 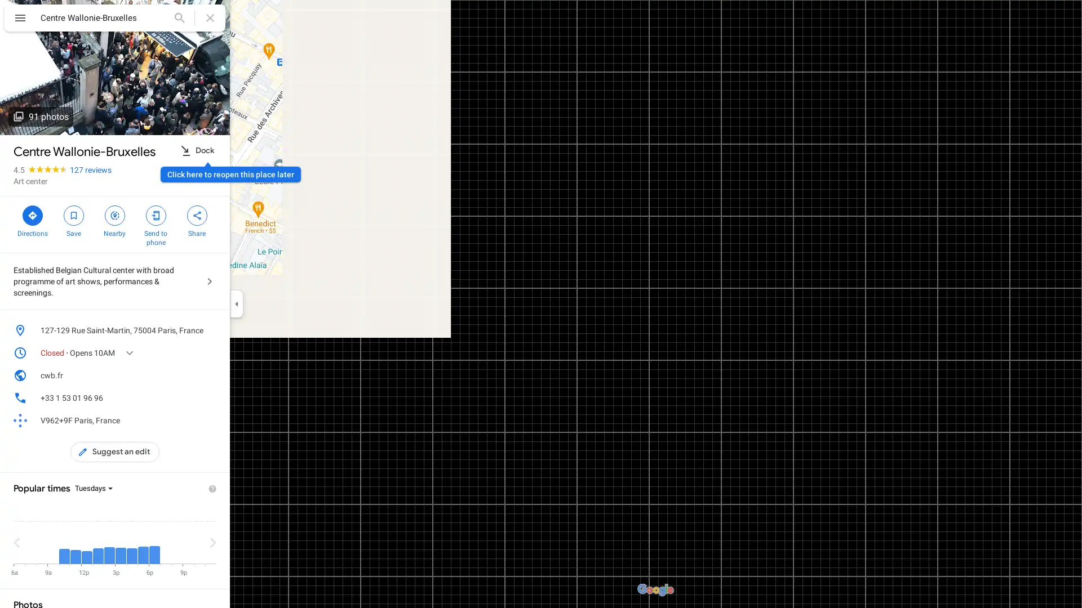 I want to click on Share Centre Wallonie-Bruxelles, so click(x=197, y=220).